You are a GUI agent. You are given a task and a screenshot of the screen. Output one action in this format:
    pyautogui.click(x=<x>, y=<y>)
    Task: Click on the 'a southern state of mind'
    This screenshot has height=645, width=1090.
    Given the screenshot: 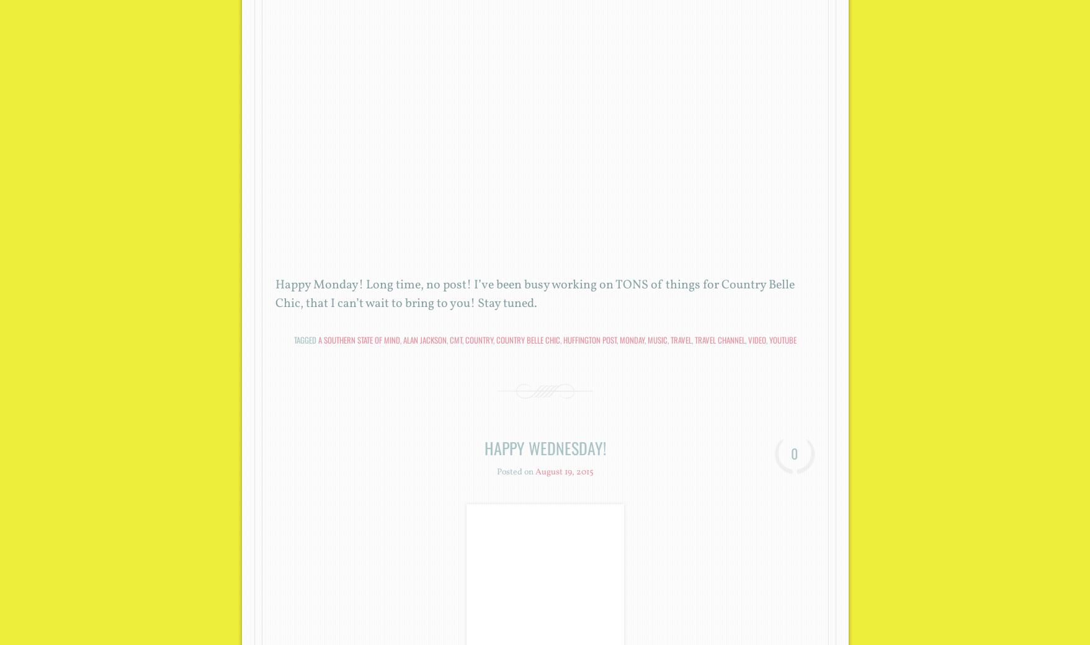 What is the action you would take?
    pyautogui.click(x=359, y=339)
    